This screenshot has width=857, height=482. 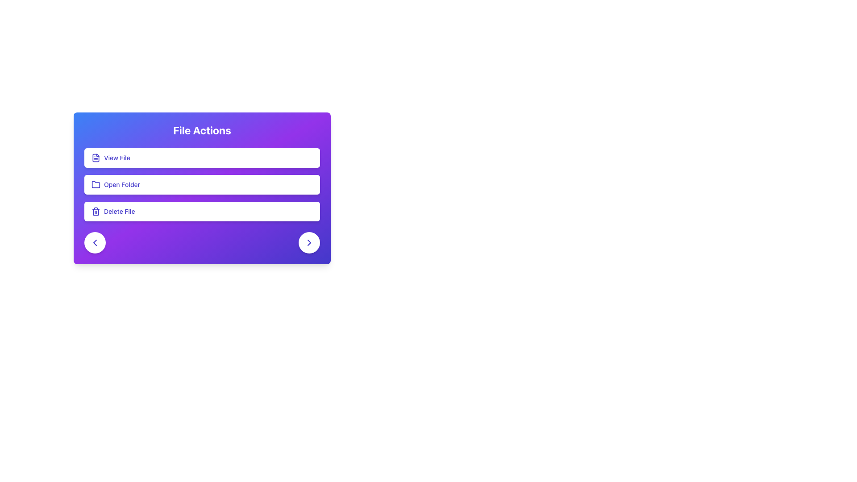 I want to click on the icon located in the 'File Actions' card, specifically in the second row for the 'Open Folder' action, positioned on the left side of the row adjacent to the 'Open Folder' text, so click(x=96, y=184).